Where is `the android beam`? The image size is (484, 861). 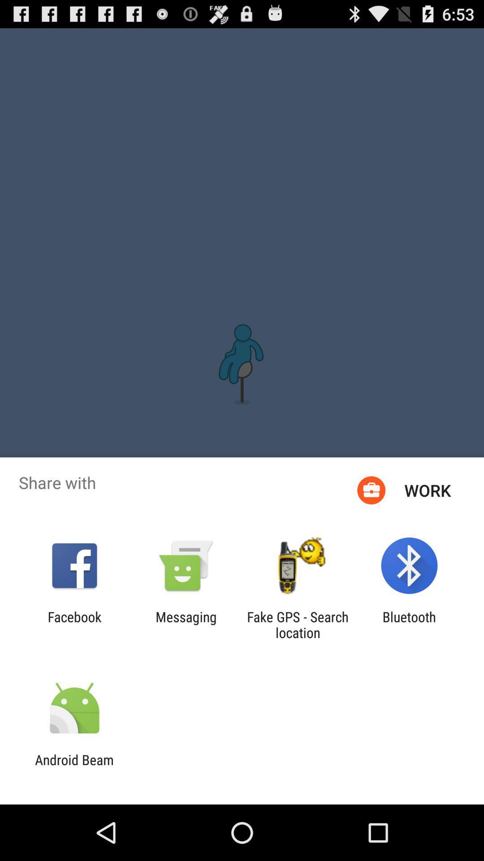 the android beam is located at coordinates (74, 767).